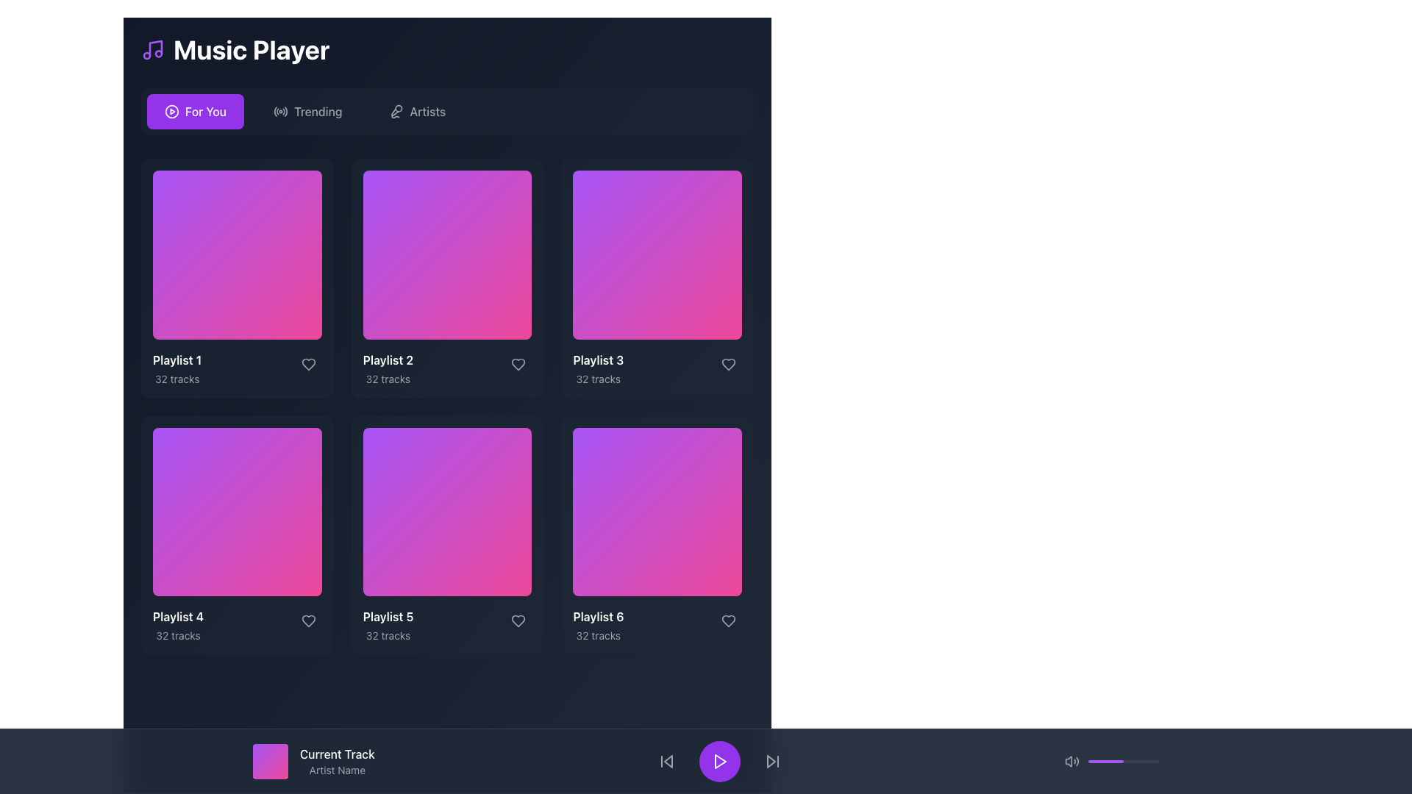  Describe the element at coordinates (518, 621) in the screenshot. I see `the heart icon button, which is the second item in the bottom row of heart icons` at that location.